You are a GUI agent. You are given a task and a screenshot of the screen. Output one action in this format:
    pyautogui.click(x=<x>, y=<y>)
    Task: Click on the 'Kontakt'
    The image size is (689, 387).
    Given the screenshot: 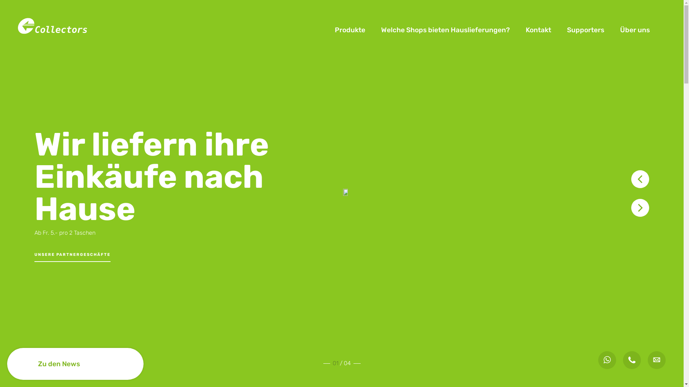 What is the action you would take?
    pyautogui.click(x=538, y=30)
    